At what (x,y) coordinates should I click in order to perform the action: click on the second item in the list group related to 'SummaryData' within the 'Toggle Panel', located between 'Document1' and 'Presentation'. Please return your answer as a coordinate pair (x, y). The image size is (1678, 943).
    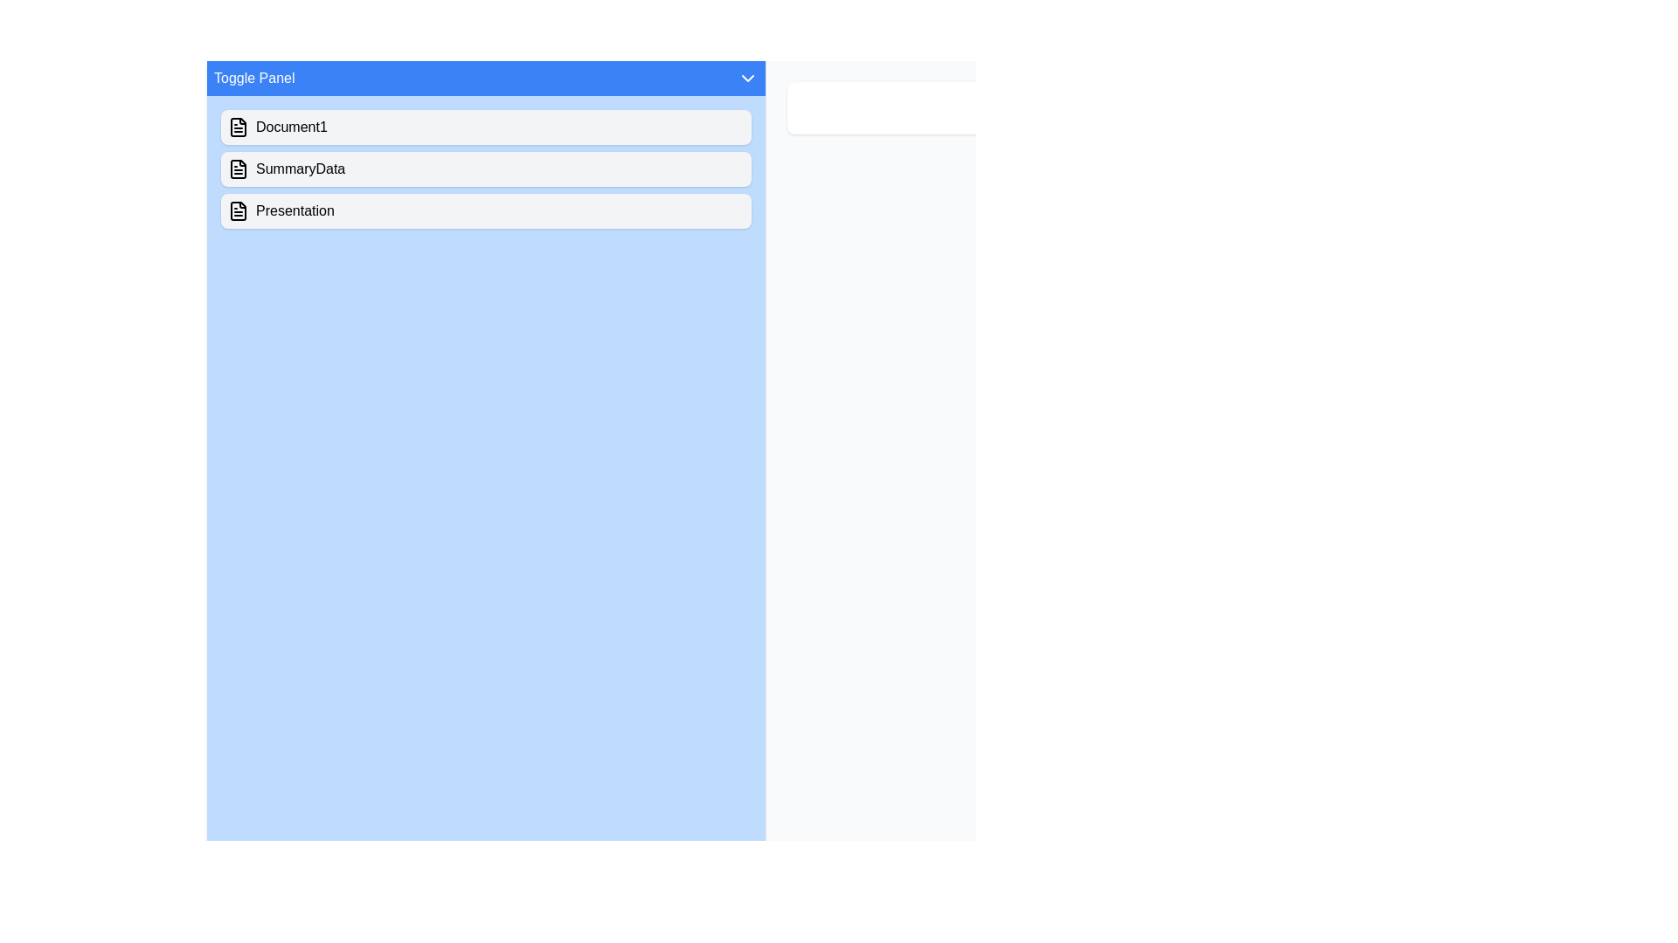
    Looking at the image, I should click on (486, 169).